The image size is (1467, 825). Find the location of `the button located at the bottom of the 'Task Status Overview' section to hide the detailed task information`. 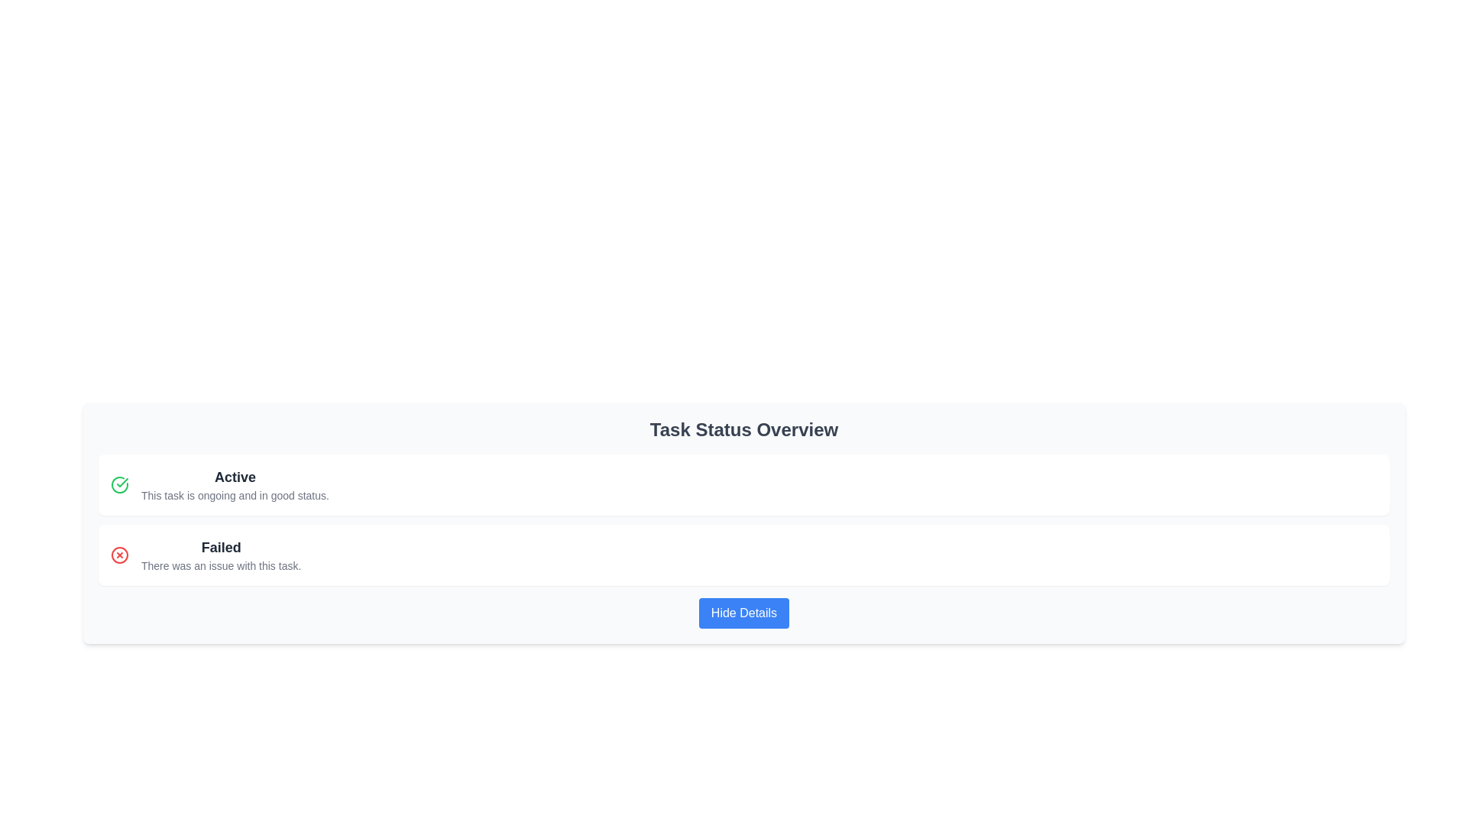

the button located at the bottom of the 'Task Status Overview' section to hide the detailed task information is located at coordinates (744, 612).